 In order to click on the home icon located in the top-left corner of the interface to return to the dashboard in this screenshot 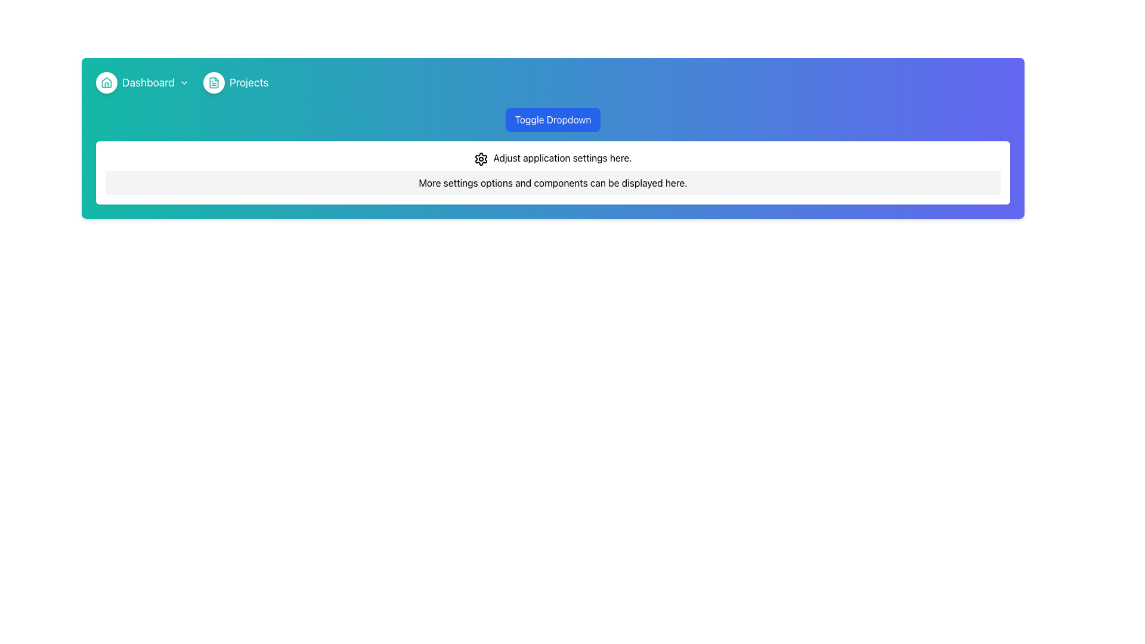, I will do `click(106, 82)`.